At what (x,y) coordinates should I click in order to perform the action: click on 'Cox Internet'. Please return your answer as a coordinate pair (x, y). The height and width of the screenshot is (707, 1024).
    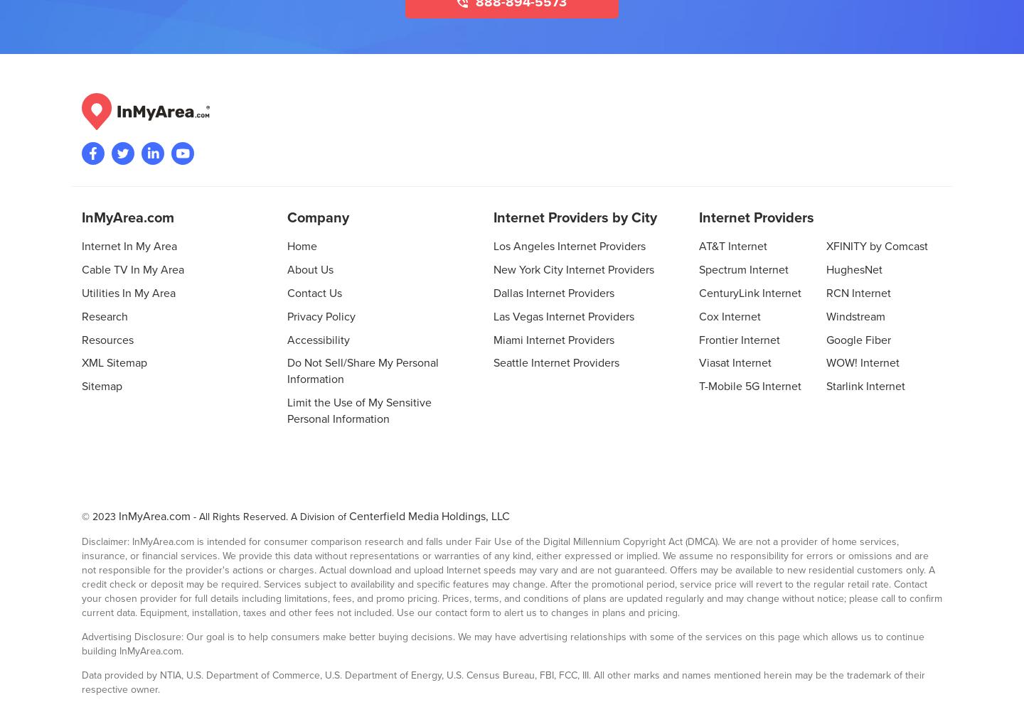
    Looking at the image, I should click on (697, 315).